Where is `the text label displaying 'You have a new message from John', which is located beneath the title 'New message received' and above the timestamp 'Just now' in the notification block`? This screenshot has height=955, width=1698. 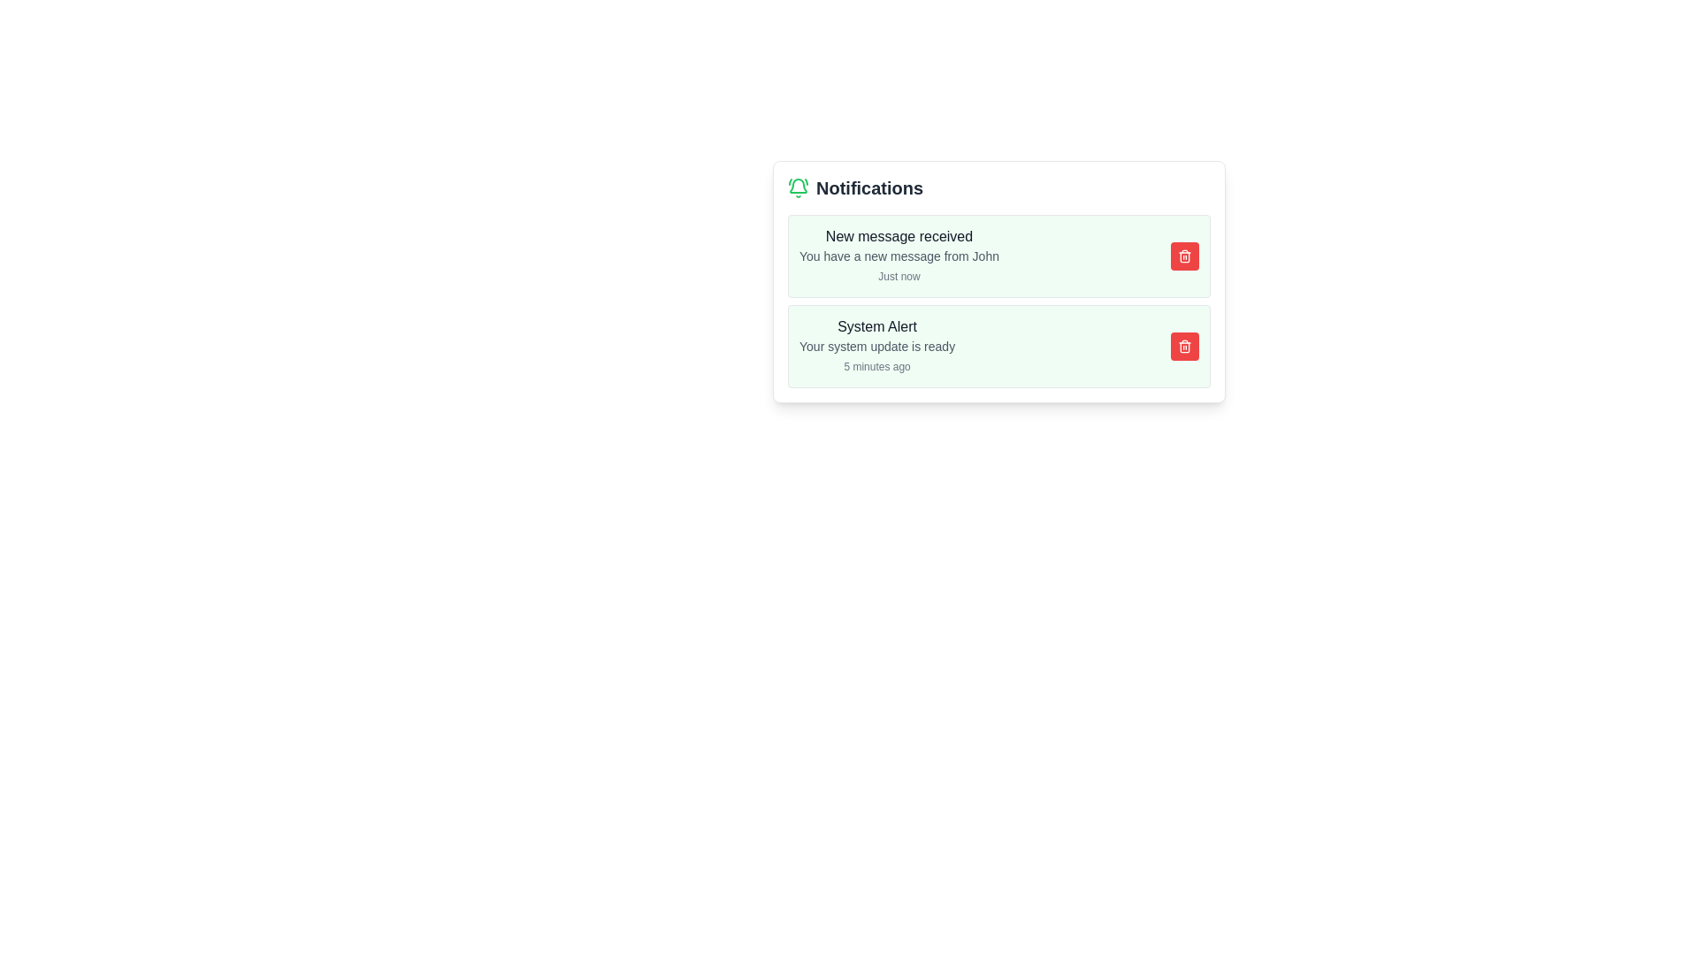 the text label displaying 'You have a new message from John', which is located beneath the title 'New message received' and above the timestamp 'Just now' in the notification block is located at coordinates (899, 256).